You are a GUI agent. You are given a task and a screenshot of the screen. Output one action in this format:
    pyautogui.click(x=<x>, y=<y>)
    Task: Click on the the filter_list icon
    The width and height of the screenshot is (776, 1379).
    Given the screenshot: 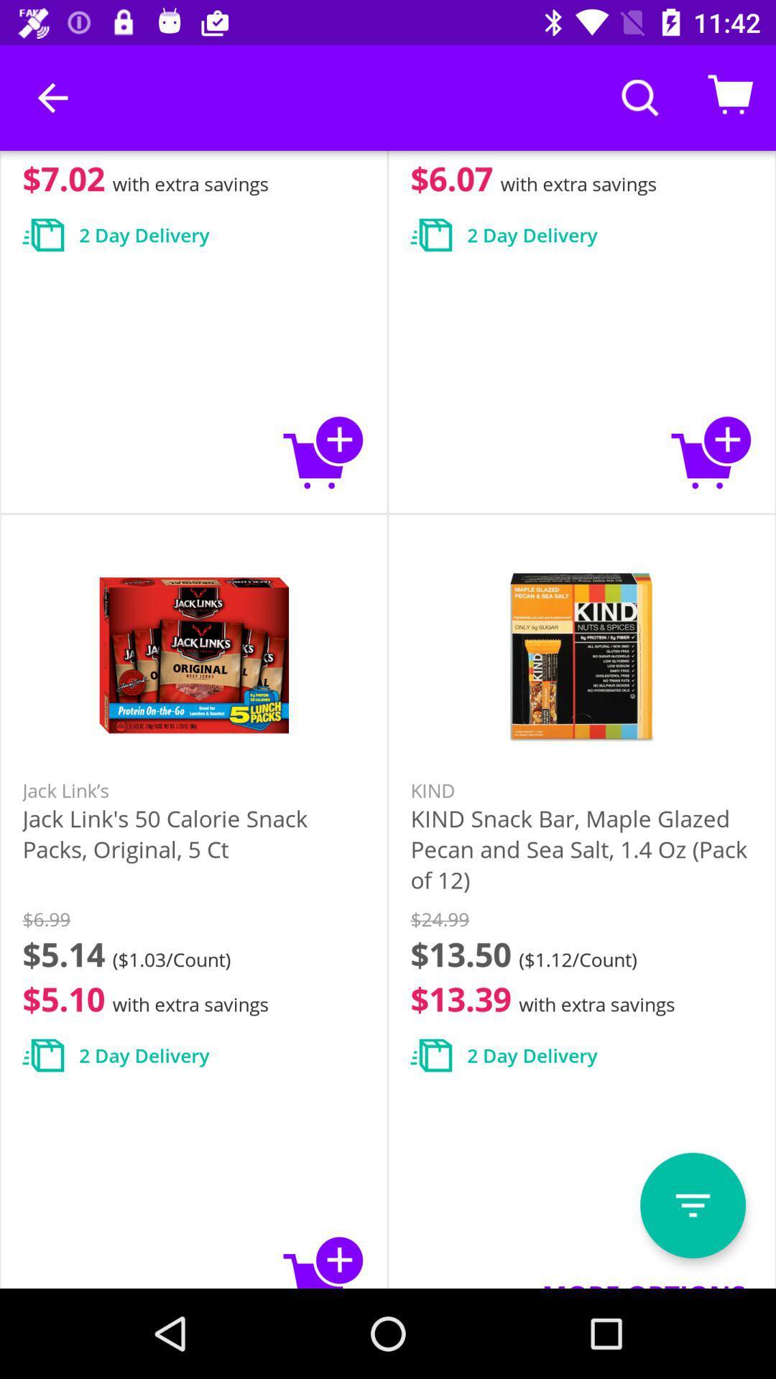 What is the action you would take?
    pyautogui.click(x=692, y=1205)
    